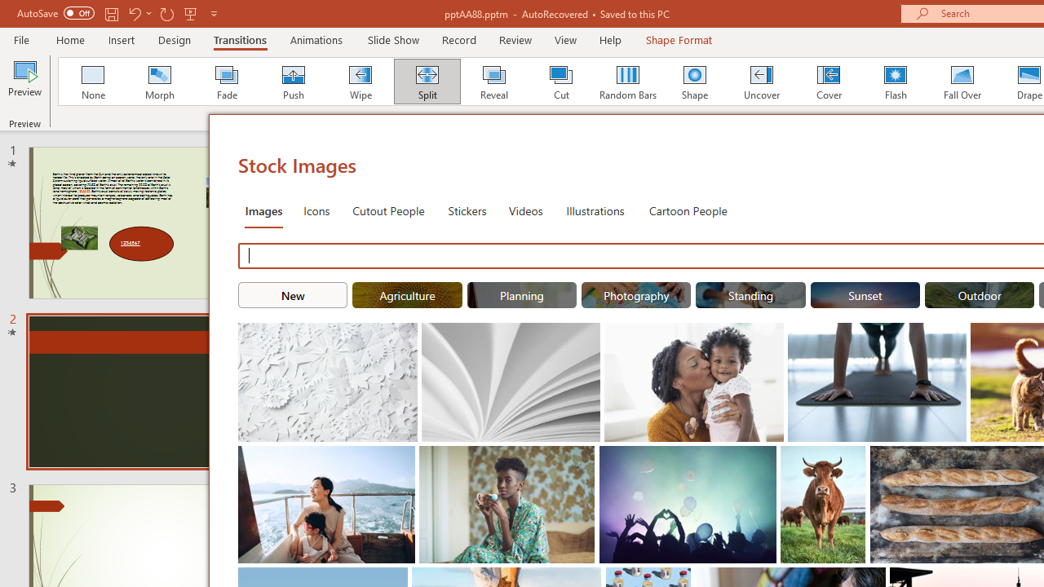 This screenshot has height=587, width=1044. I want to click on 'Shape', so click(695, 82).